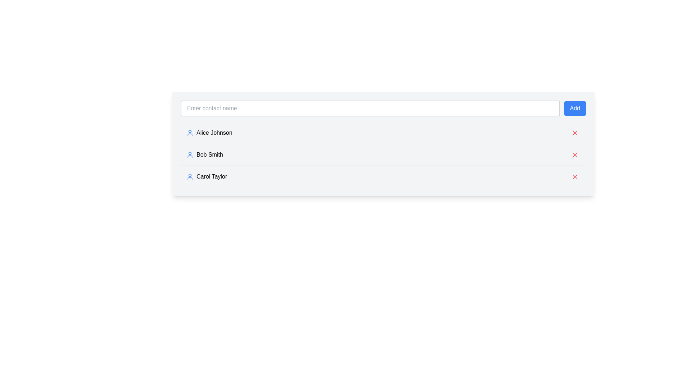  I want to click on the profile icon representing 'Carol Taylor', so click(190, 177).